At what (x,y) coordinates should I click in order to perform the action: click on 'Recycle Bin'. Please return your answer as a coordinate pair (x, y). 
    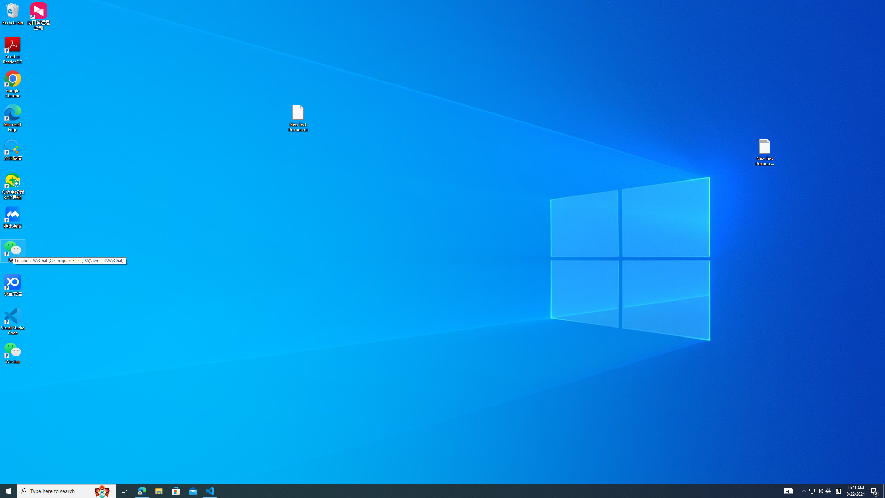
    Looking at the image, I should click on (12, 13).